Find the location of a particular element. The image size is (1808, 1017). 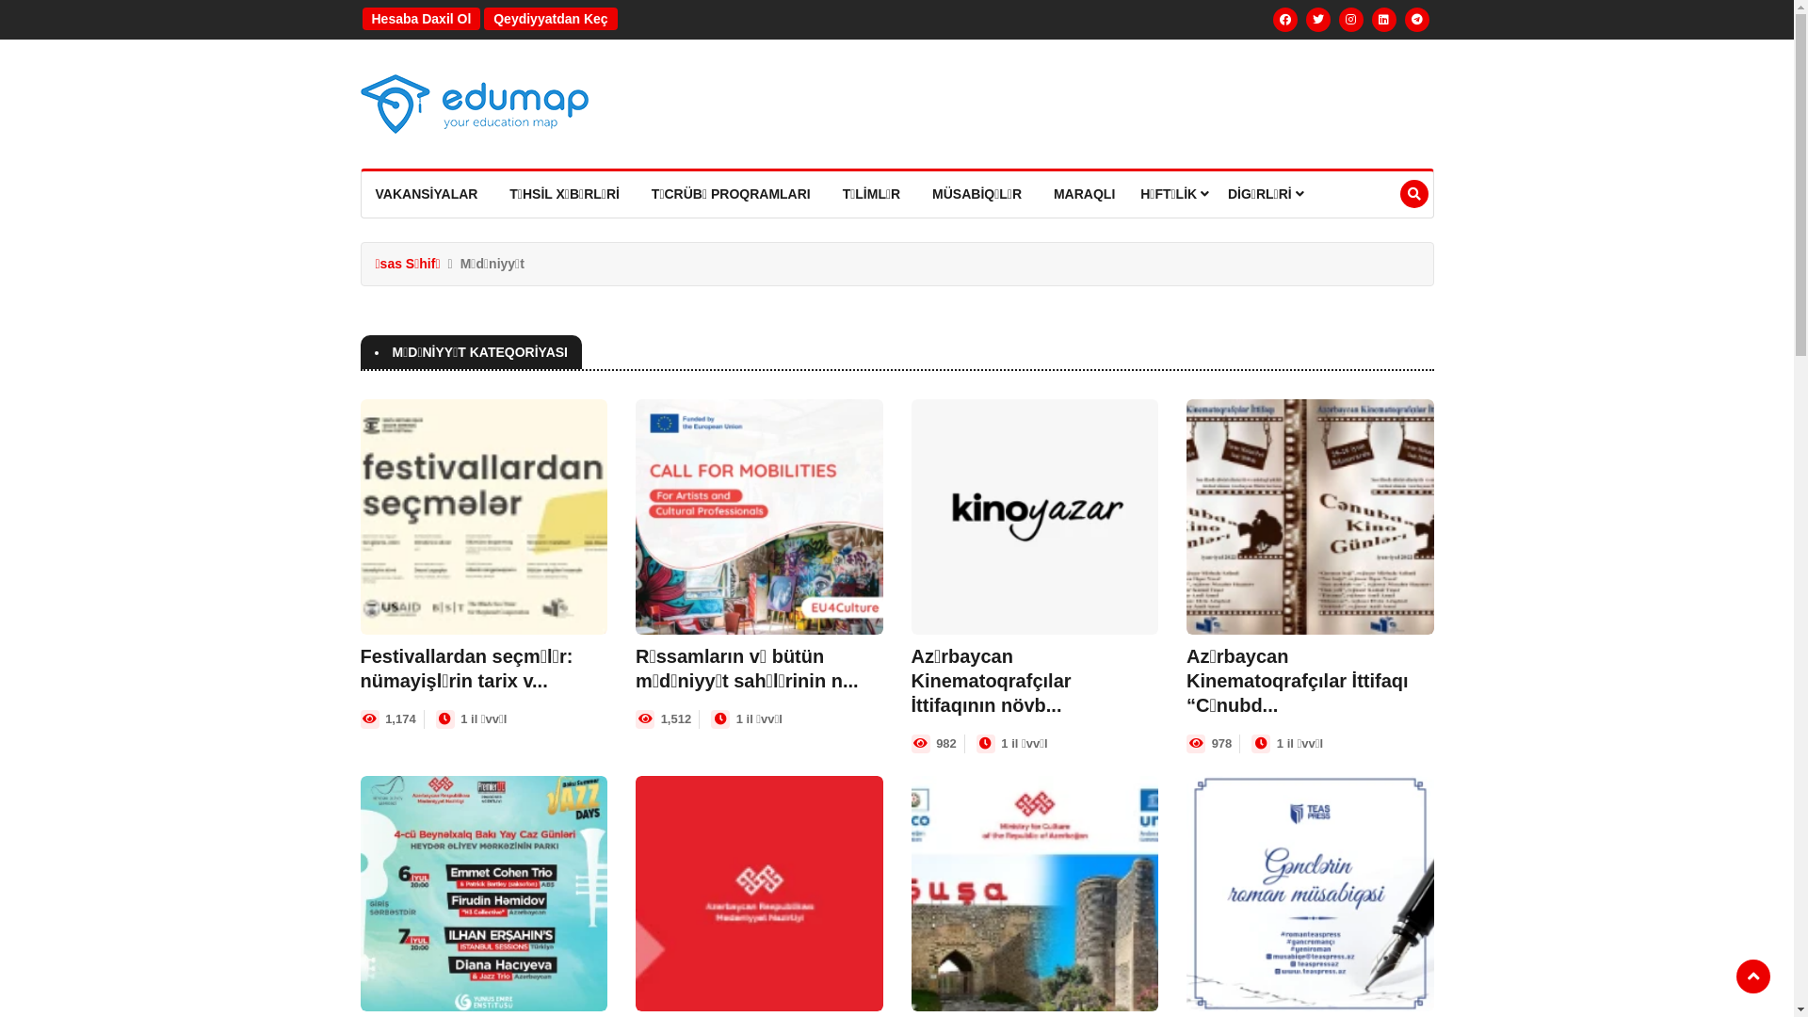

'Facebook' is located at coordinates (1283, 19).